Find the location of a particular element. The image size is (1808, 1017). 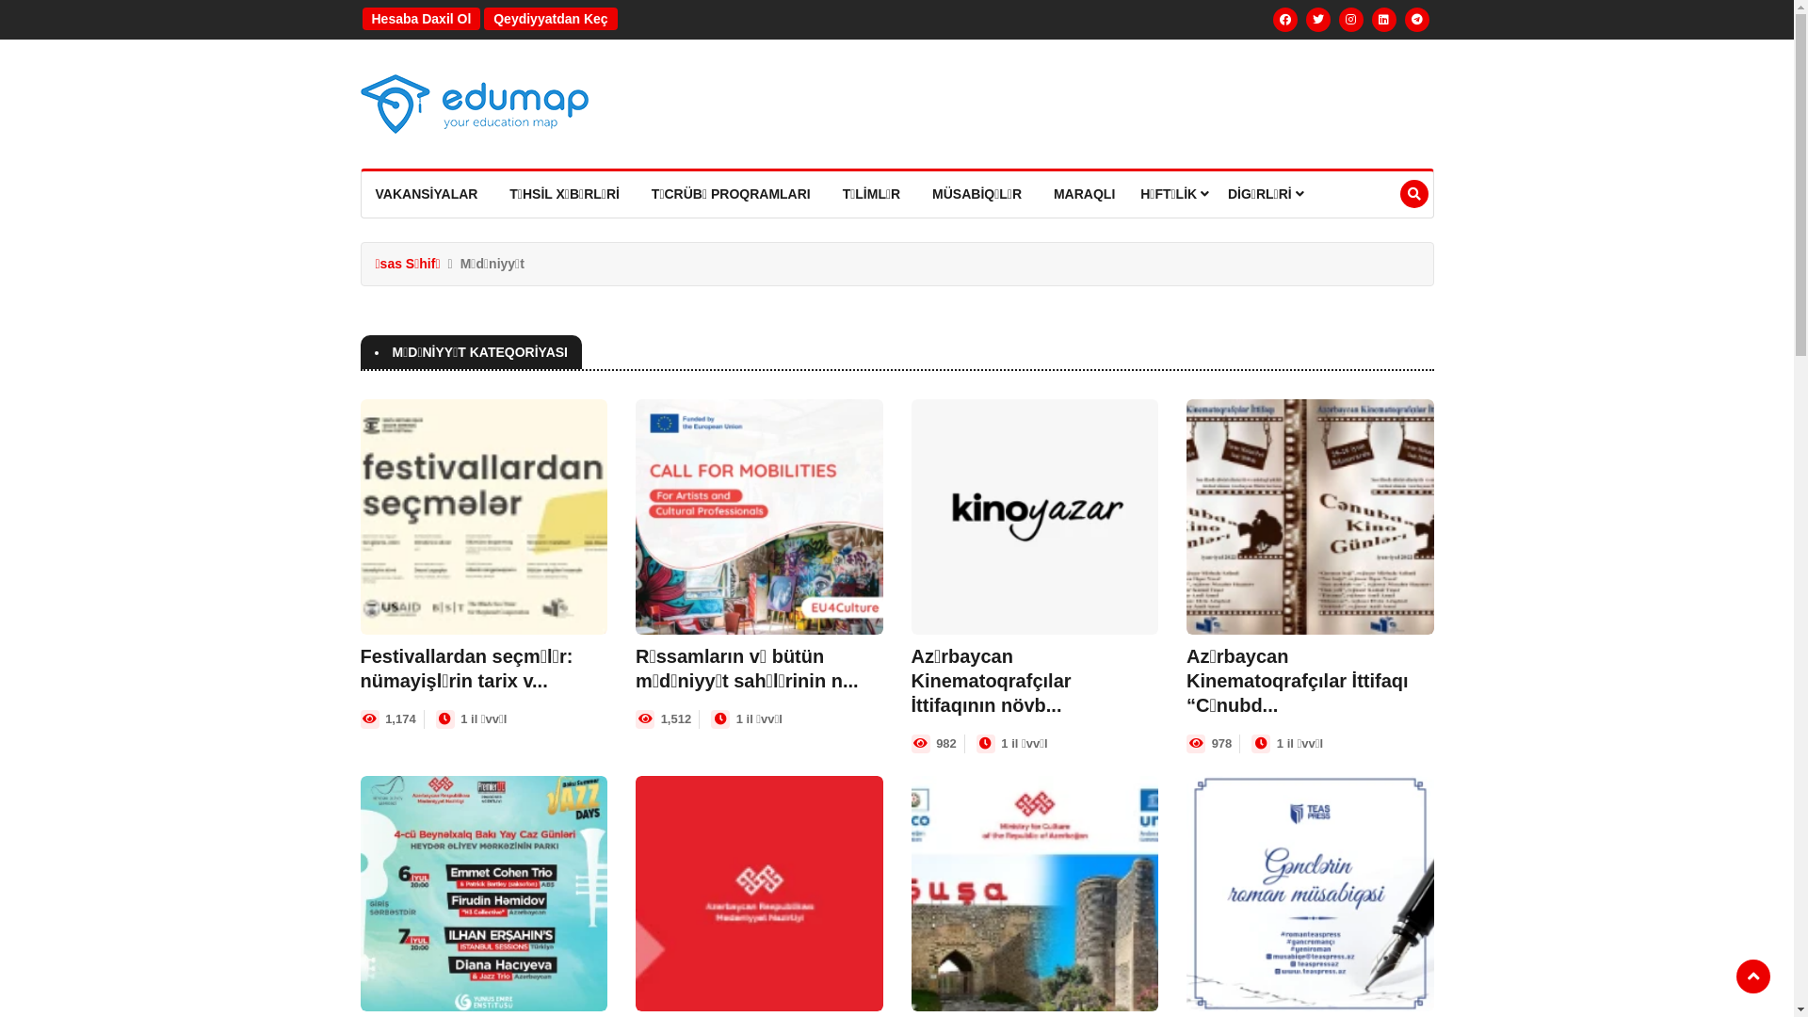

'Facebook' is located at coordinates (1283, 19).